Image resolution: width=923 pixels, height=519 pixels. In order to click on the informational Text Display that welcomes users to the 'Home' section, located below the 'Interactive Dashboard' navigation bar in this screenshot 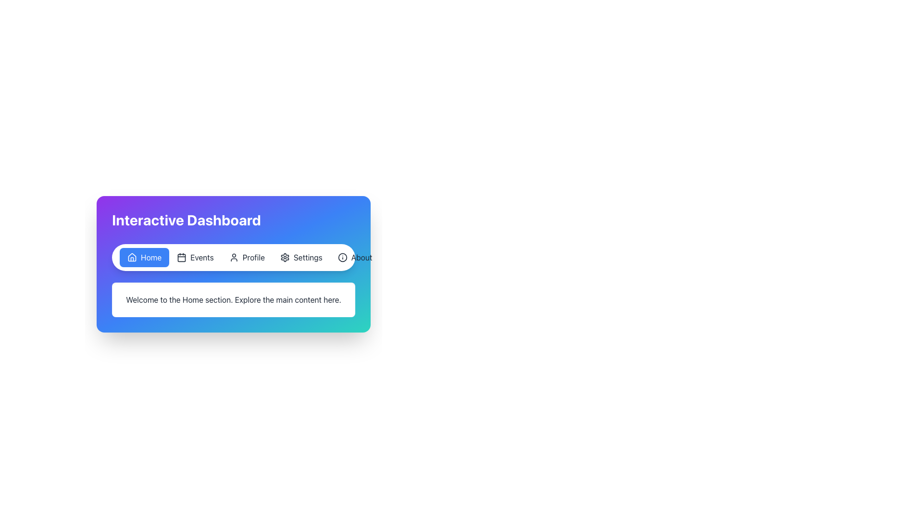, I will do `click(233, 299)`.